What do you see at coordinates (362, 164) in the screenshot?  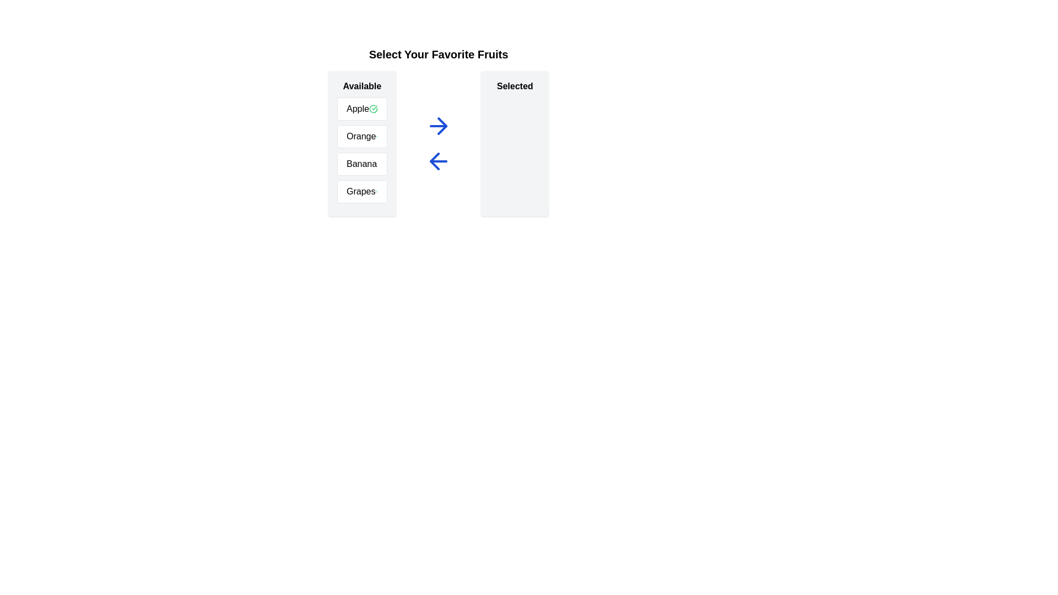 I see `the text of the selected item Banana` at bounding box center [362, 164].